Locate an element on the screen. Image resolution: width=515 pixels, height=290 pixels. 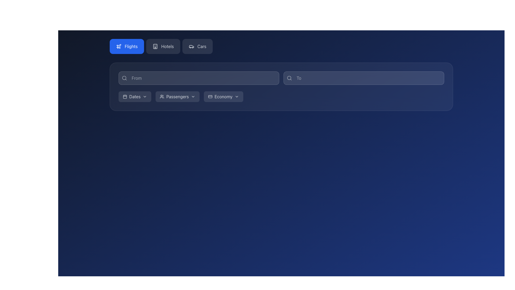
the car icon within the 'Cars' button located on the top navigation bar, which is centered at the coordinates provided is located at coordinates (191, 46).